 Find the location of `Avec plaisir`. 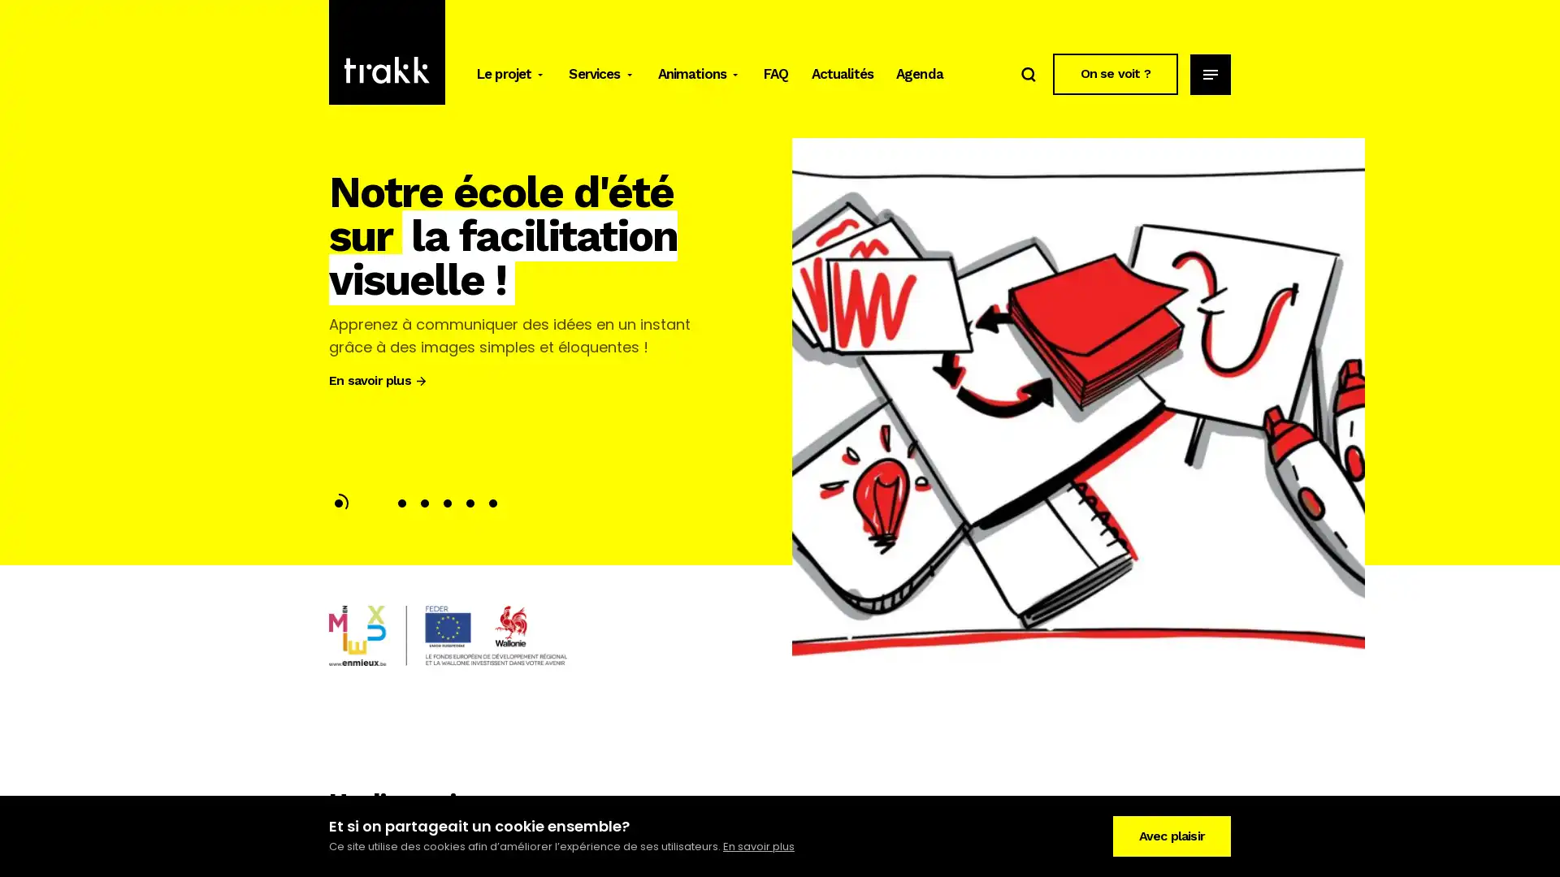

Avec plaisir is located at coordinates (1171, 836).